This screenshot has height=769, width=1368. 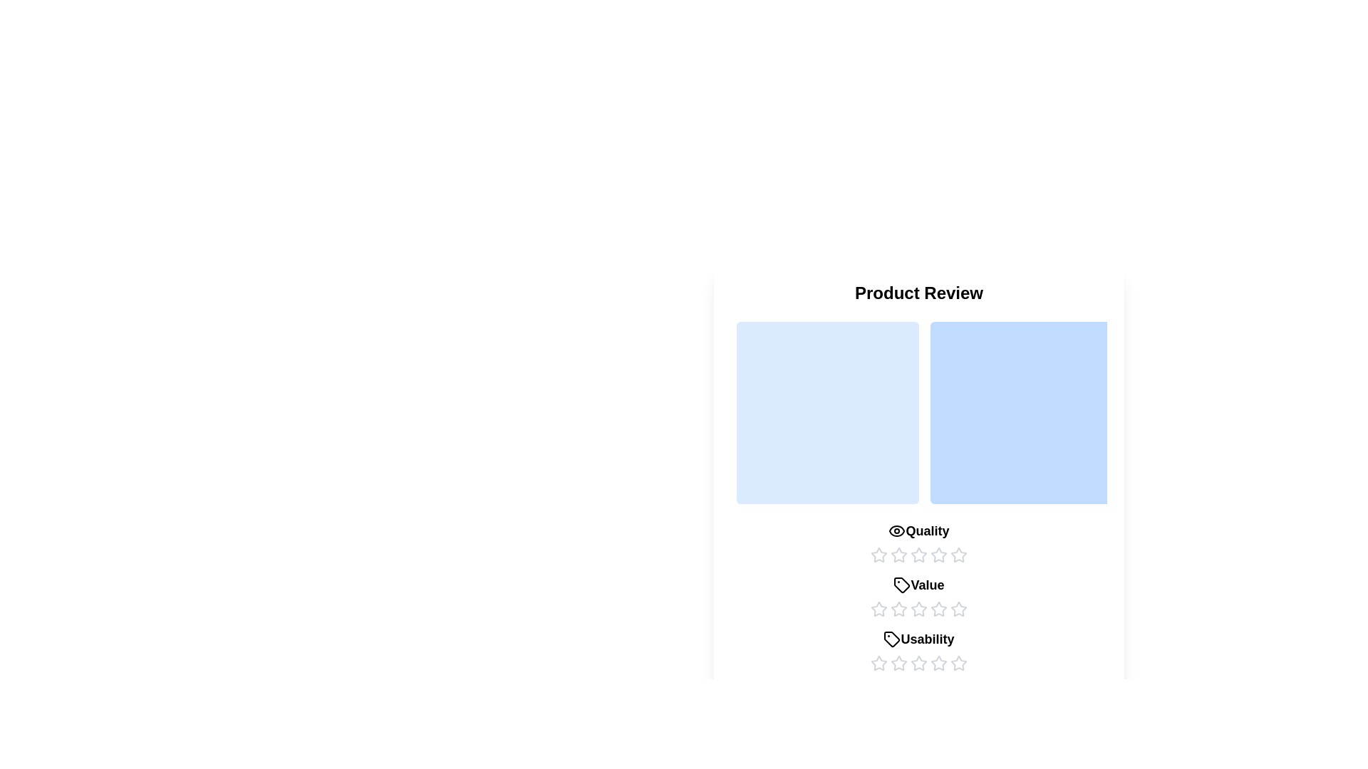 What do you see at coordinates (901, 585) in the screenshot?
I see `the icon for the category Value` at bounding box center [901, 585].